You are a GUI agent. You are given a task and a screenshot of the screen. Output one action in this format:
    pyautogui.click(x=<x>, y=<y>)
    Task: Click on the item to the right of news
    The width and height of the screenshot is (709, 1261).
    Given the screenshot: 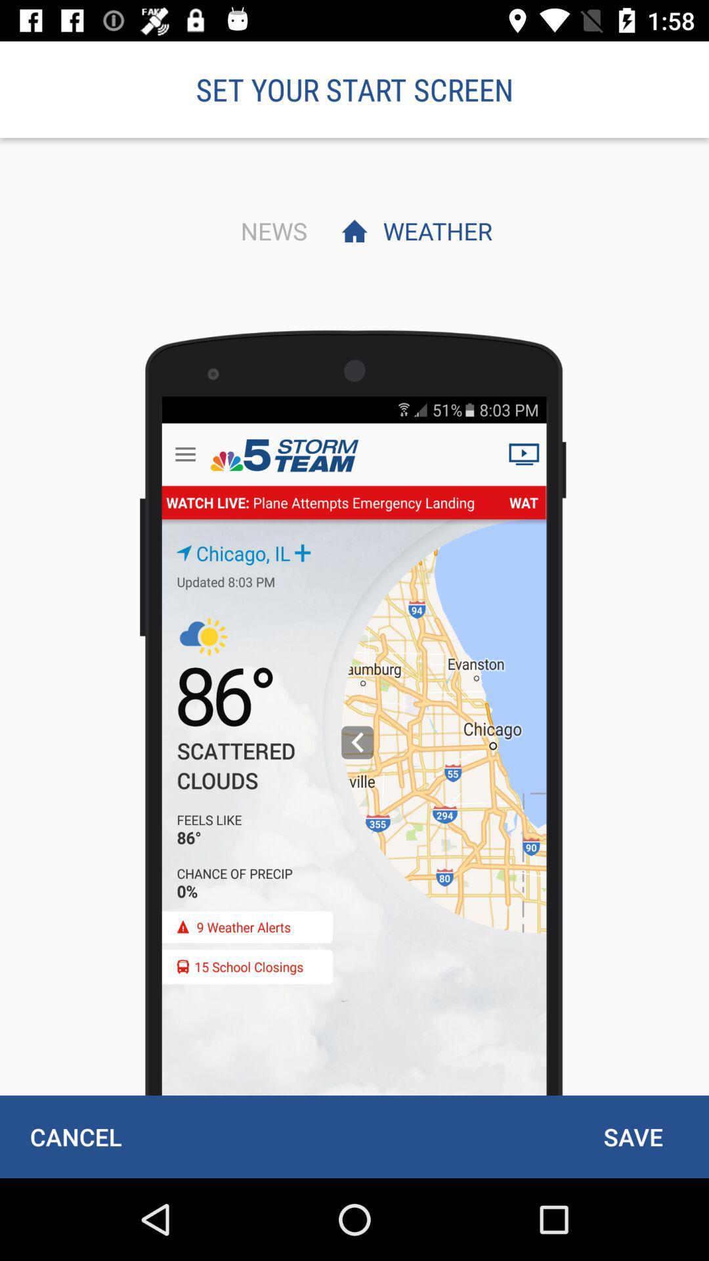 What is the action you would take?
    pyautogui.click(x=434, y=231)
    